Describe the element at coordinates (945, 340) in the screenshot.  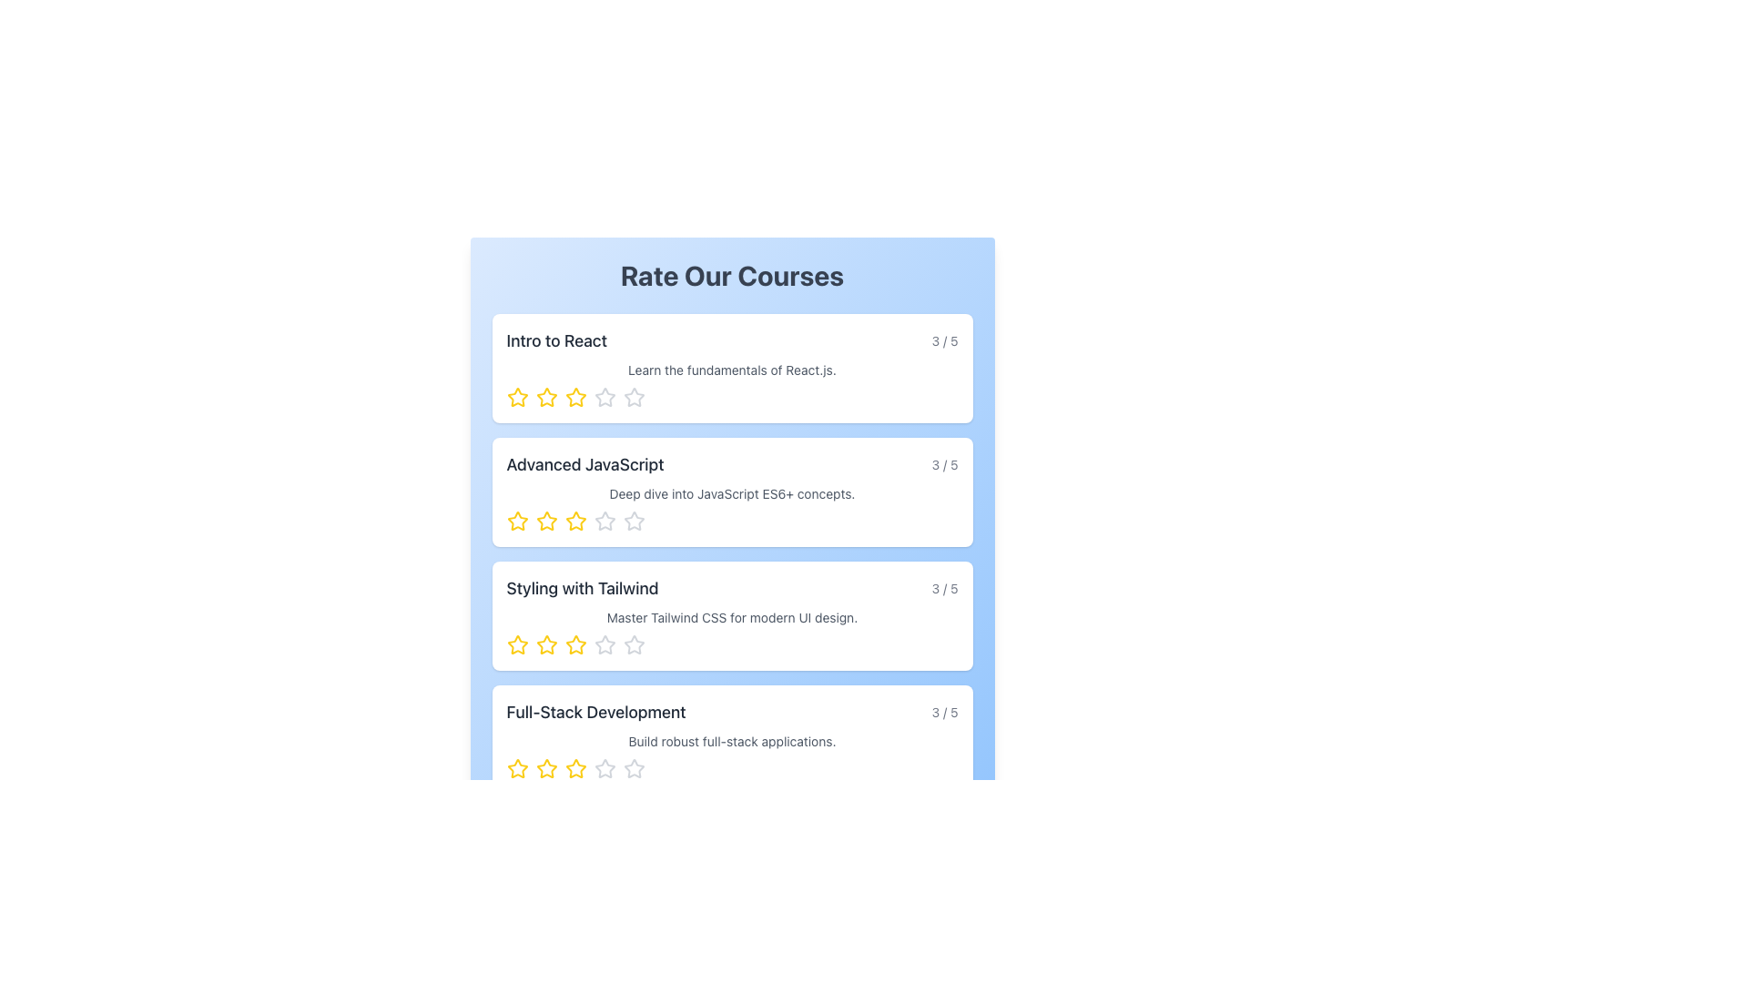
I see `the static text element that indicates a rating of 3 out of 5 for the course 'Intro to React', located at the rightmost part of the course list under the 'Rate Our Courses' section` at that location.